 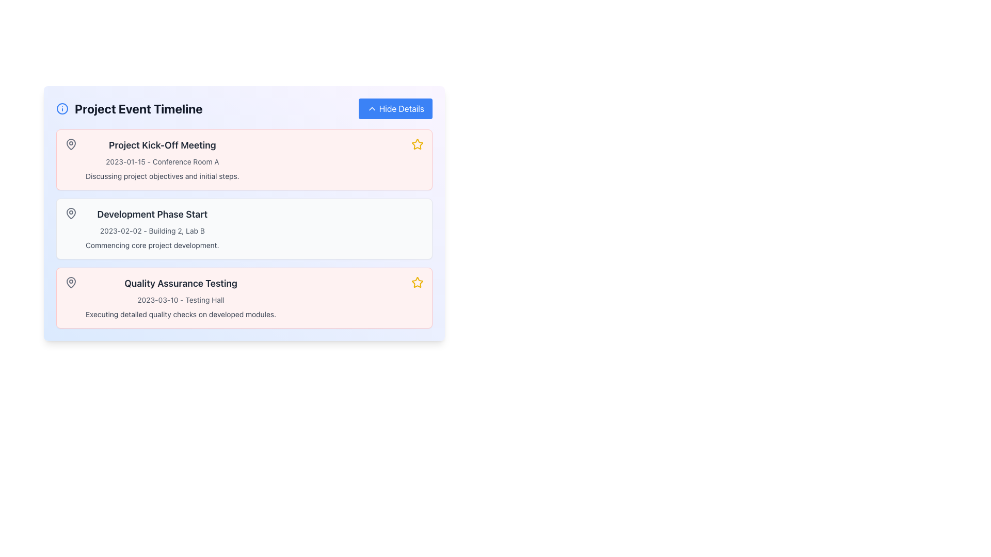 What do you see at coordinates (138, 109) in the screenshot?
I see `the text label reading 'Project Event Timeline' which is bold and large, centrally located at the top of the interface, adjacent to a blue icon and a blue button` at bounding box center [138, 109].